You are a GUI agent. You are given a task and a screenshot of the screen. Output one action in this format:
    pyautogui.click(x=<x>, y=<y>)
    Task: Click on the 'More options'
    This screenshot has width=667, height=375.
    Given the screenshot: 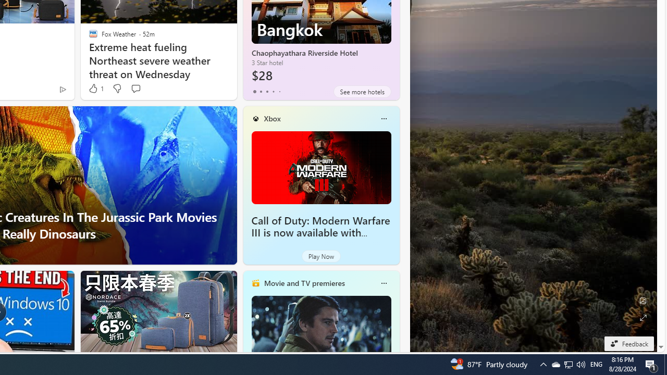 What is the action you would take?
    pyautogui.click(x=383, y=283)
    